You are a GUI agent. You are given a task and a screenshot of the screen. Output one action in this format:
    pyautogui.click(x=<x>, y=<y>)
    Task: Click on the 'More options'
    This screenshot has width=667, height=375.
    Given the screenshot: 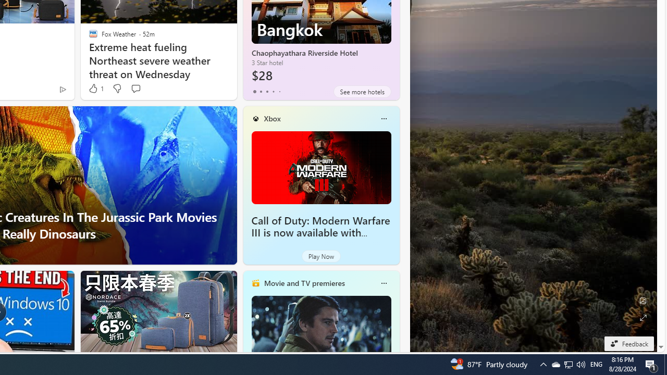 What is the action you would take?
    pyautogui.click(x=383, y=283)
    